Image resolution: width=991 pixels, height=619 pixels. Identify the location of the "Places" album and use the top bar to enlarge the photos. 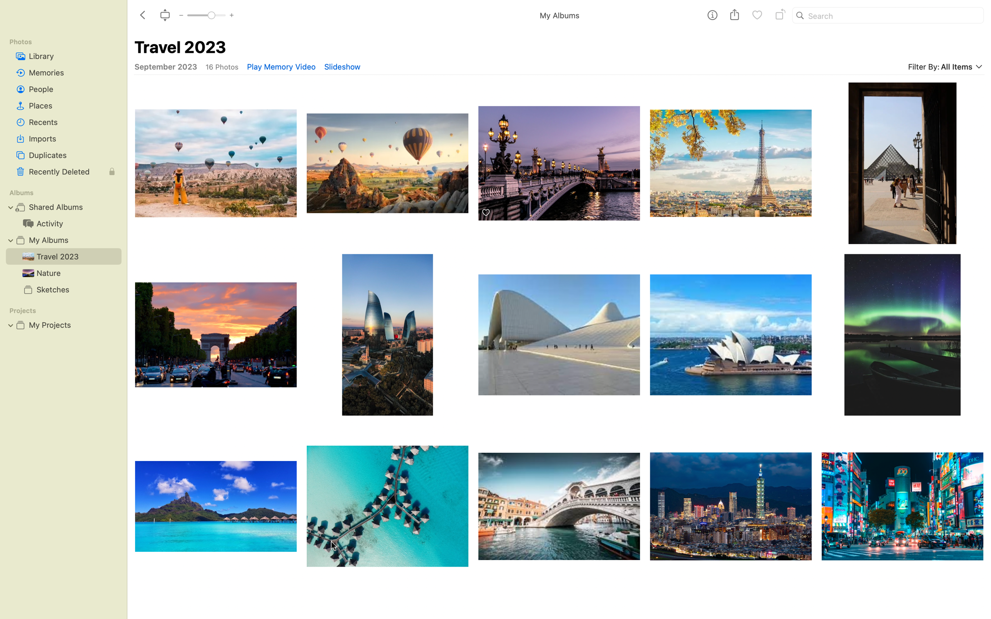
(63, 106).